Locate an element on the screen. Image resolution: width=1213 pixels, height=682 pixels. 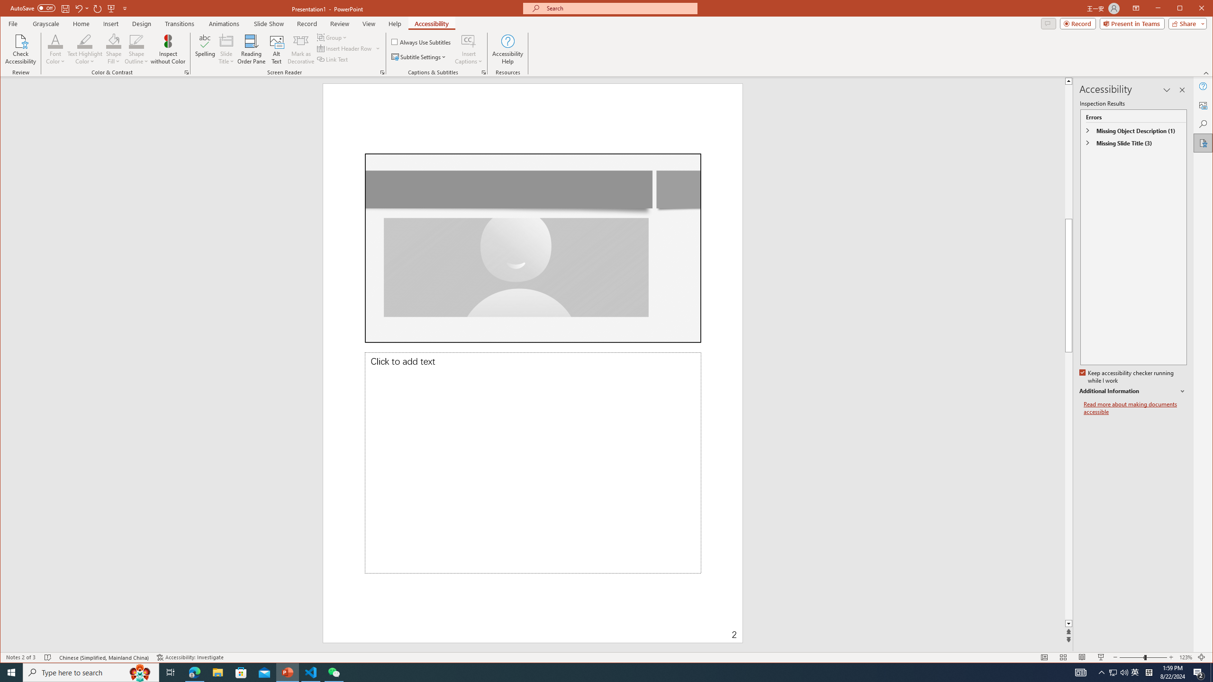
'Always Use Subtitles' is located at coordinates (421, 41).